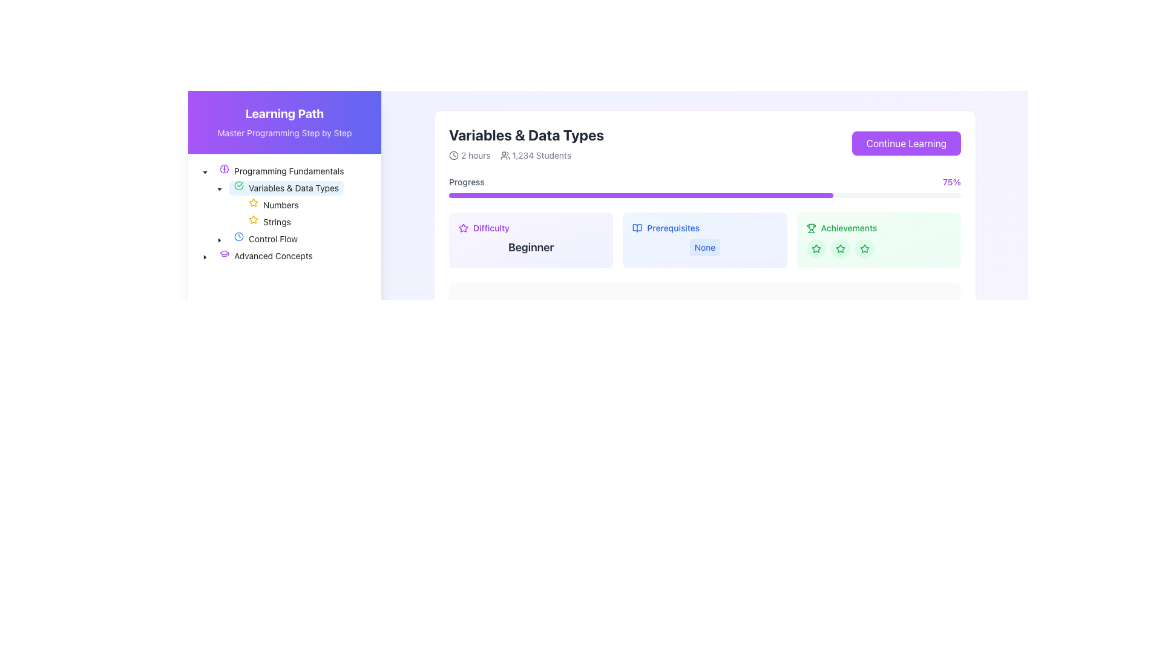 The image size is (1162, 654). Describe the element at coordinates (246, 222) in the screenshot. I see `the Tree Node Item labeled 'Strings' in the hierarchical tree structure under 'Variables & Data Types'` at that location.